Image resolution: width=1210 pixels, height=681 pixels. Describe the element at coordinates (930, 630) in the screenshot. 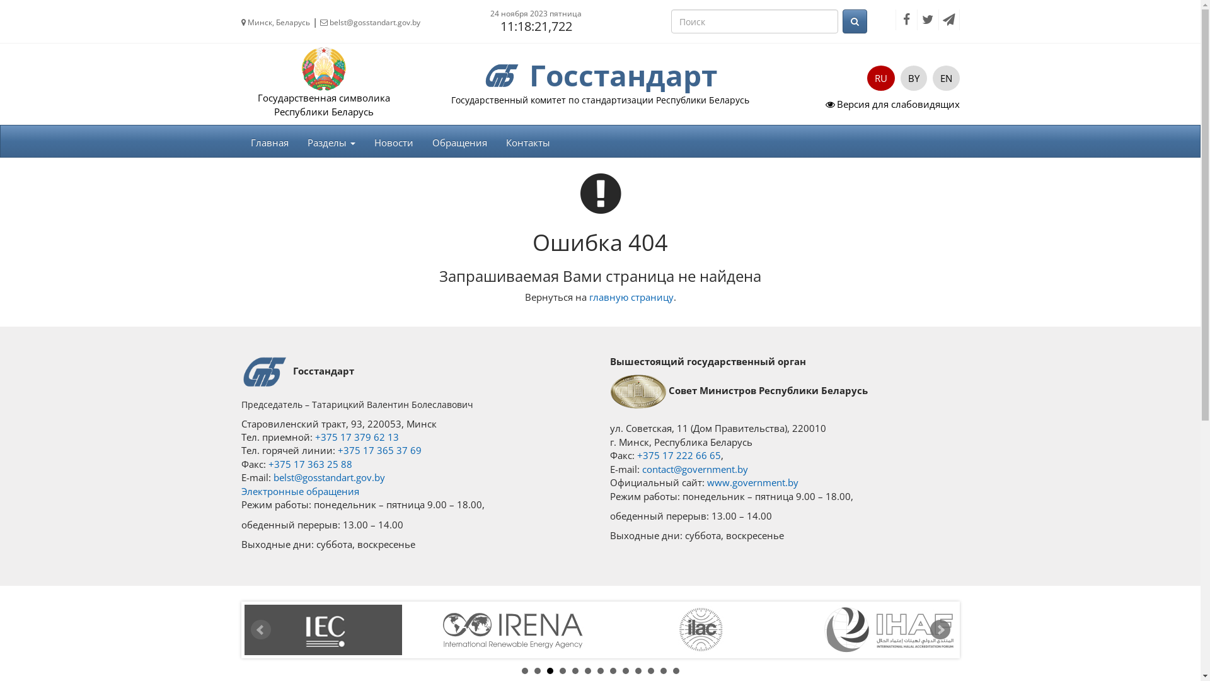

I see `'Next'` at that location.